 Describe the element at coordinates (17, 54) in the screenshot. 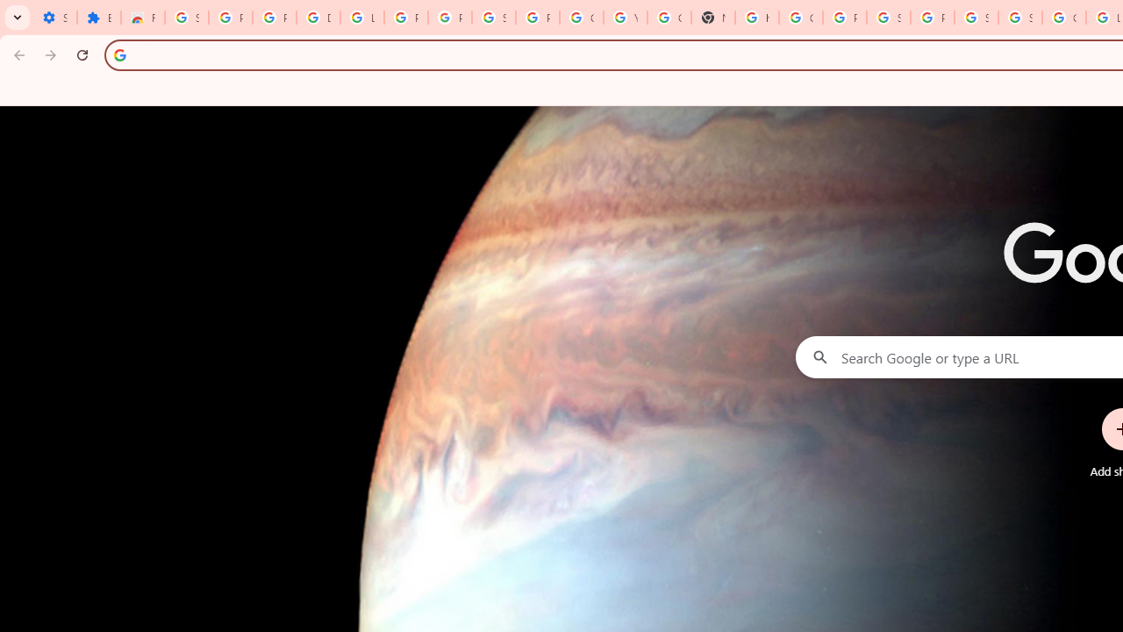

I see `'Back'` at that location.